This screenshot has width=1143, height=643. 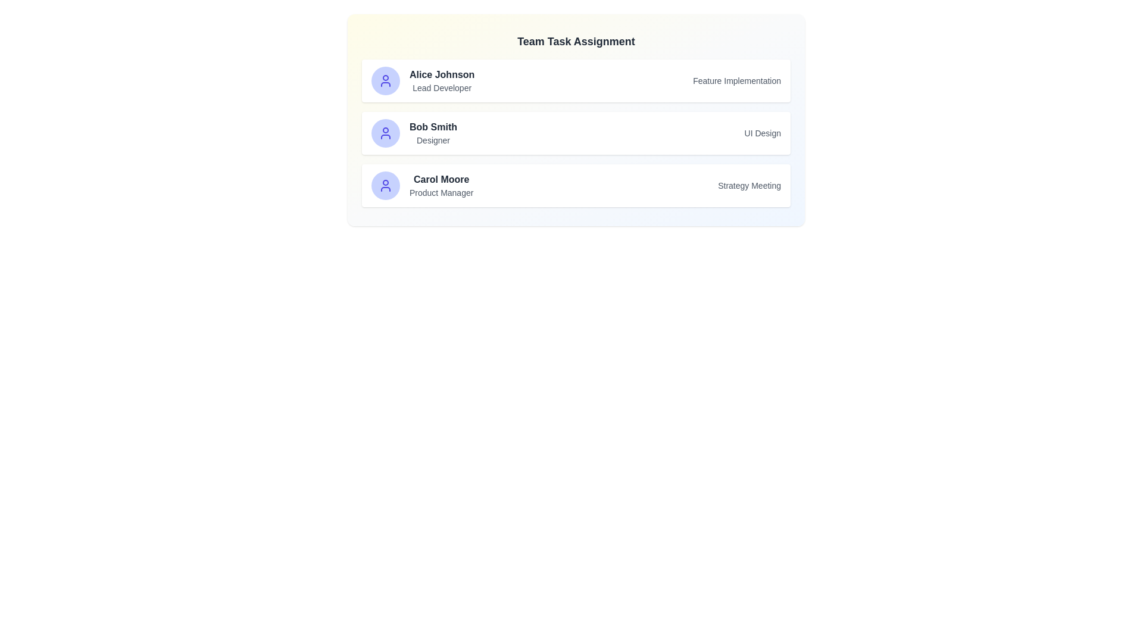 What do you see at coordinates (386, 186) in the screenshot?
I see `the Profile Avatar representing user 'Carol Moore', which is the leftmost component of the 'Carol Moore Product Manager' tile, located under the 'Bob Smith Designer' tile` at bounding box center [386, 186].